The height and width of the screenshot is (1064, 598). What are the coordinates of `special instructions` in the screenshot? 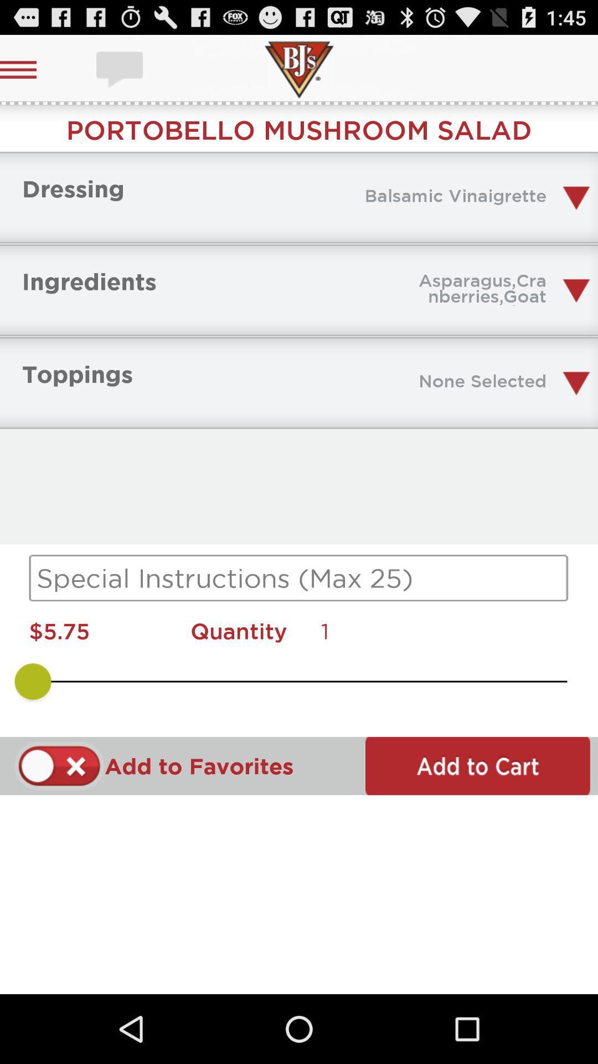 It's located at (299, 577).